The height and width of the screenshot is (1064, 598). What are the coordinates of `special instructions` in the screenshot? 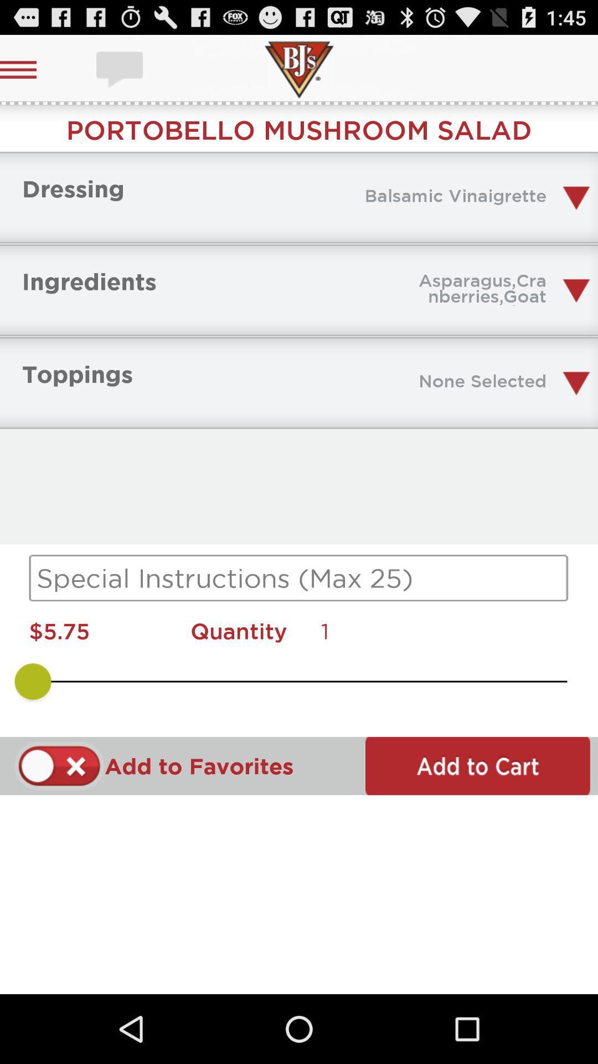 It's located at (299, 577).